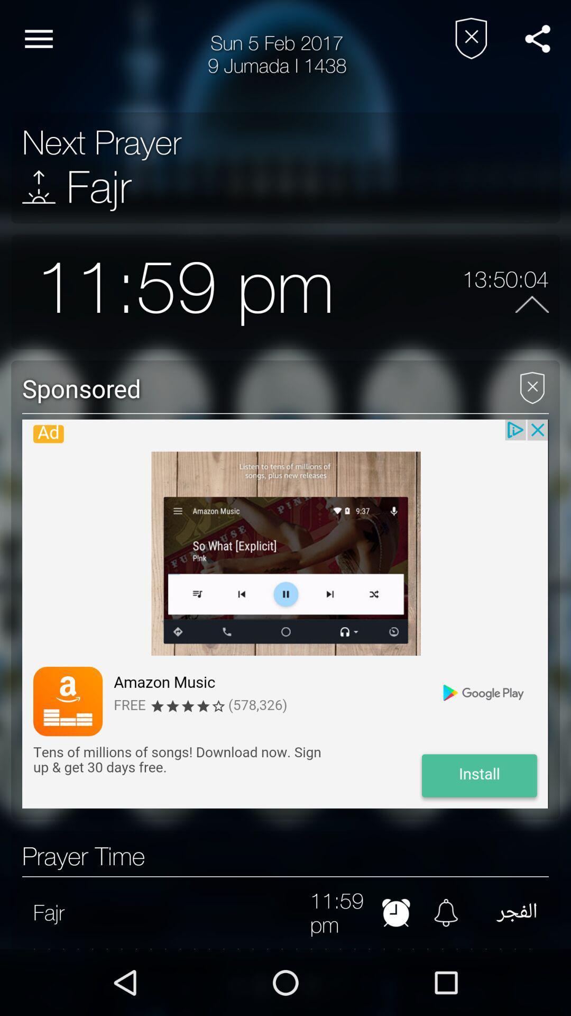 The image size is (571, 1016). Describe the element at coordinates (446, 912) in the screenshot. I see `alarm` at that location.